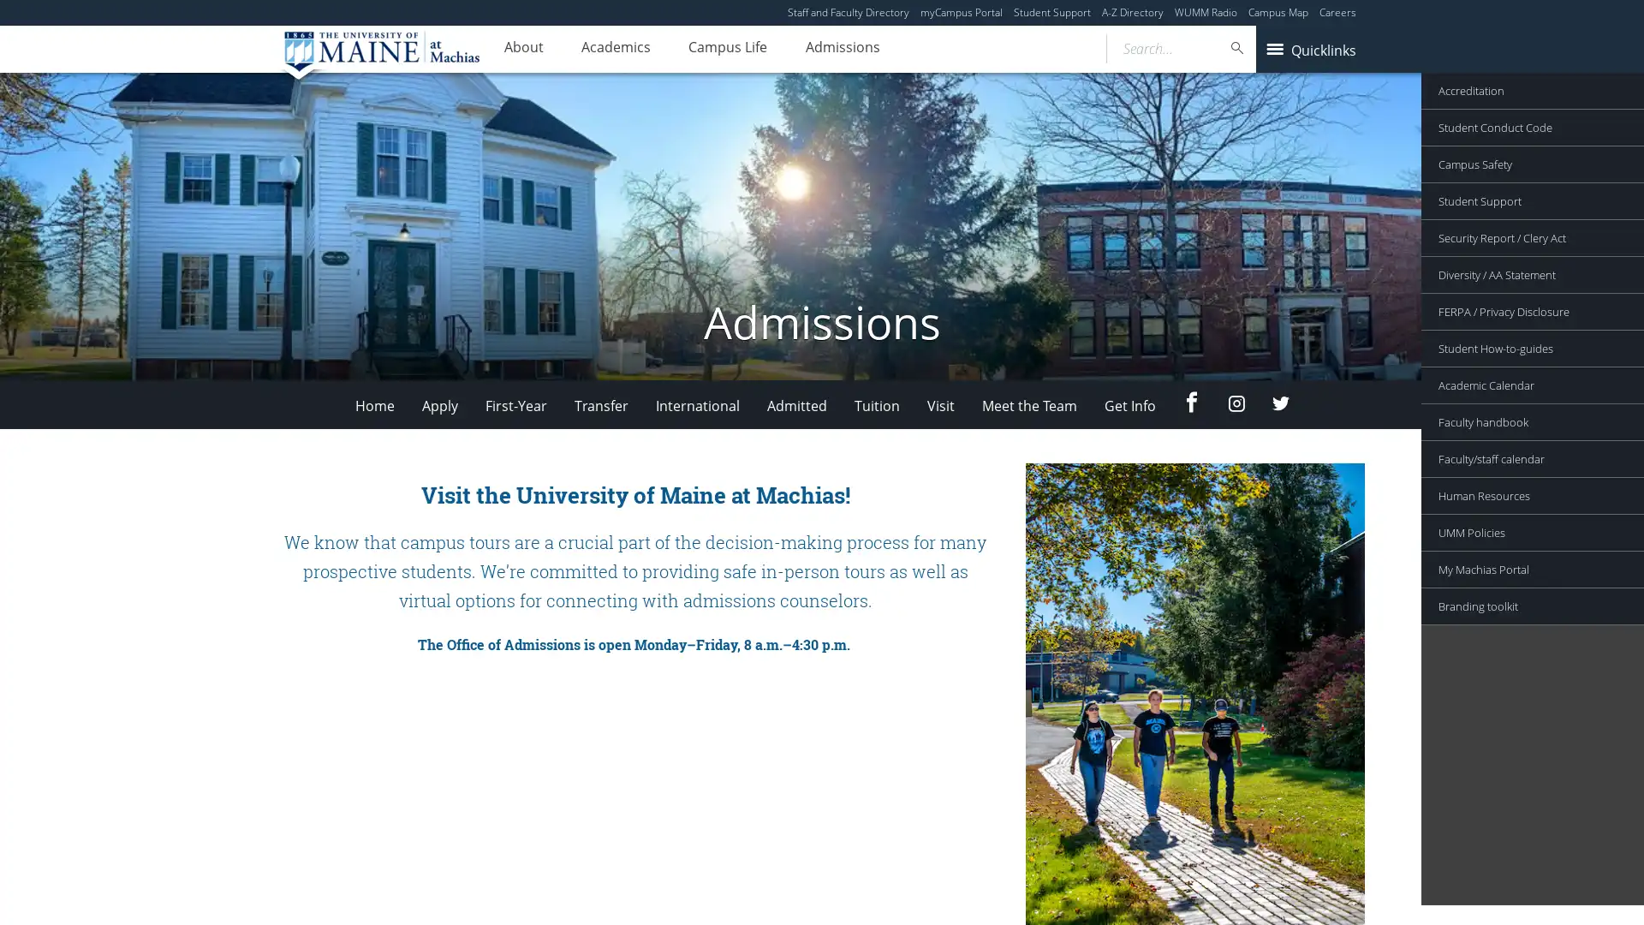  Describe the element at coordinates (1309, 48) in the screenshot. I see `Quicklinks` at that location.